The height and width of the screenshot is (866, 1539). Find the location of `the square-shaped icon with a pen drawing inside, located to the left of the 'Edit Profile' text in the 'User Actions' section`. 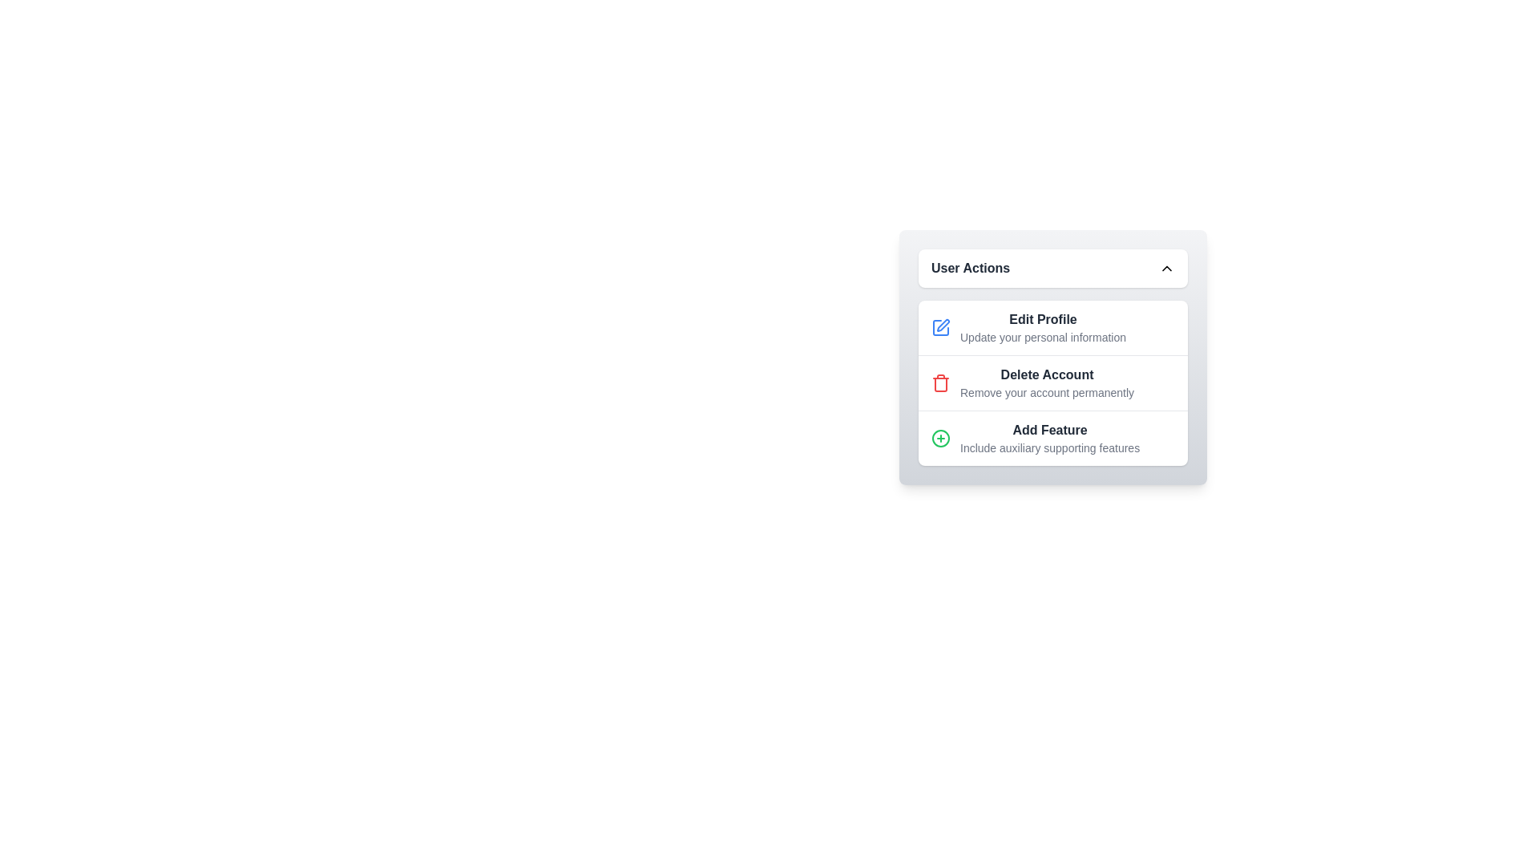

the square-shaped icon with a pen drawing inside, located to the left of the 'Edit Profile' text in the 'User Actions' section is located at coordinates (941, 326).